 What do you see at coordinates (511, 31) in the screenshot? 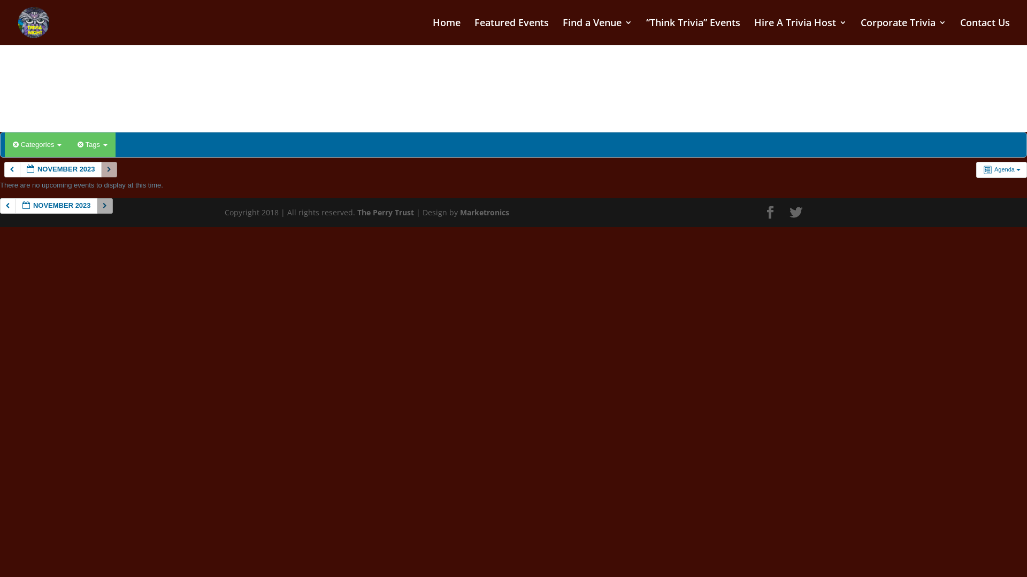
I see `'Featured Events'` at bounding box center [511, 31].